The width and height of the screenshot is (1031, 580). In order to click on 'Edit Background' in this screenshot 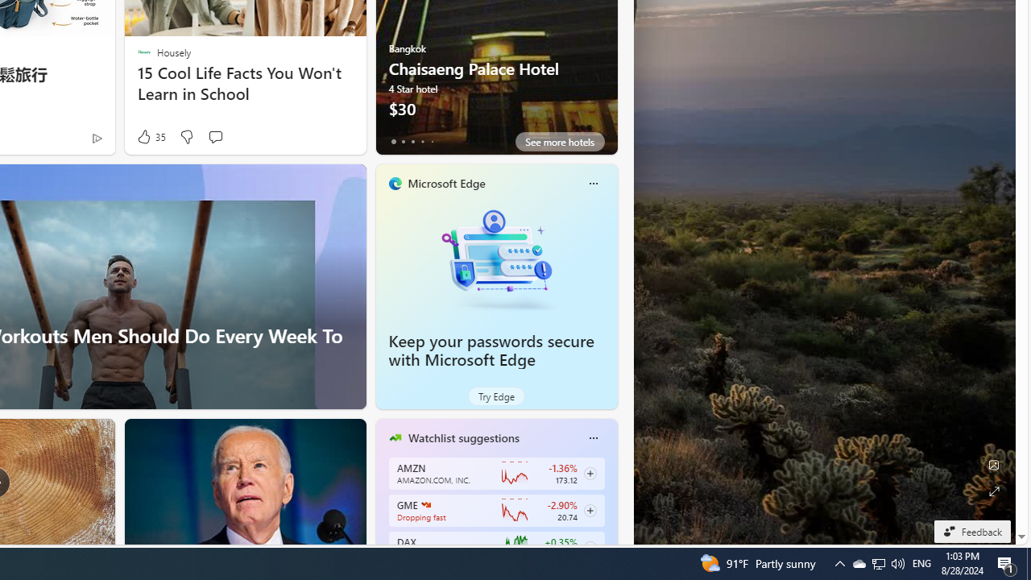, I will do `click(992, 465)`.